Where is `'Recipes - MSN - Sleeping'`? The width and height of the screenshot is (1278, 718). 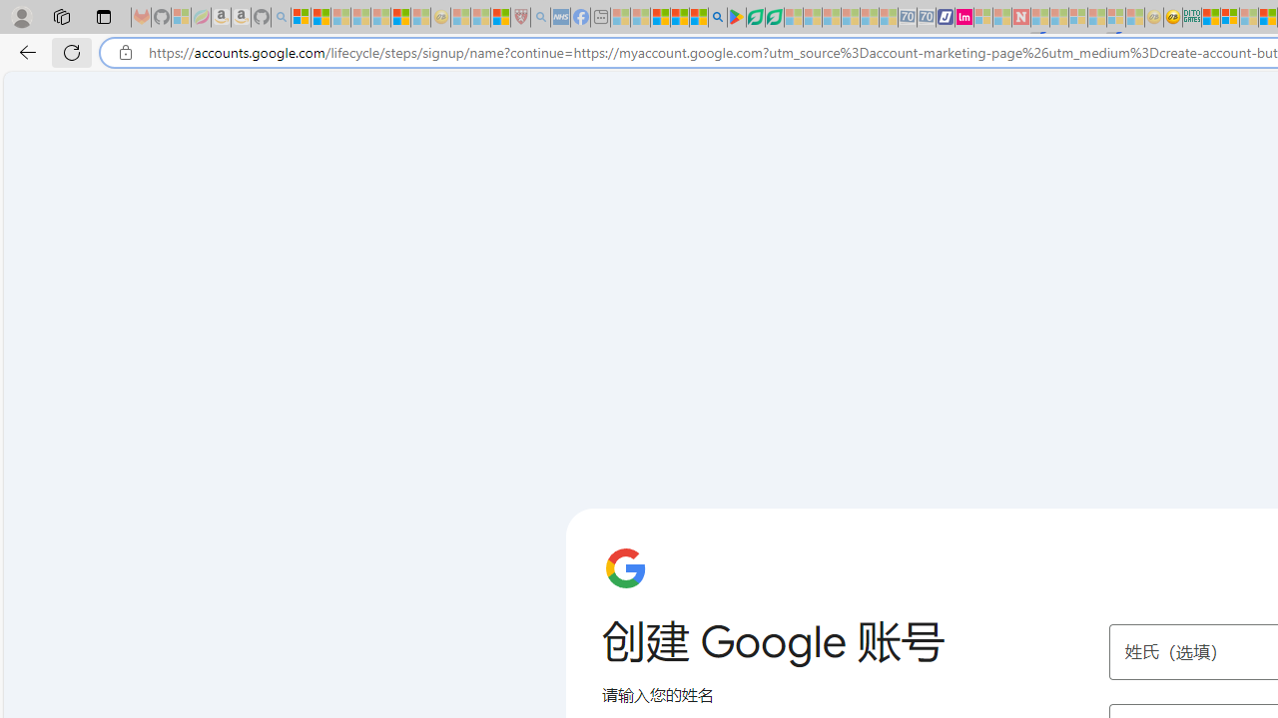
'Recipes - MSN - Sleeping' is located at coordinates (459, 17).